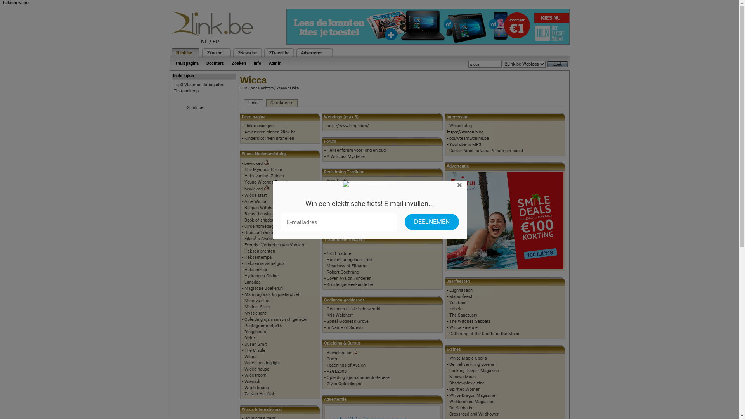  I want to click on 'Teachings of Avalon', so click(326, 365).